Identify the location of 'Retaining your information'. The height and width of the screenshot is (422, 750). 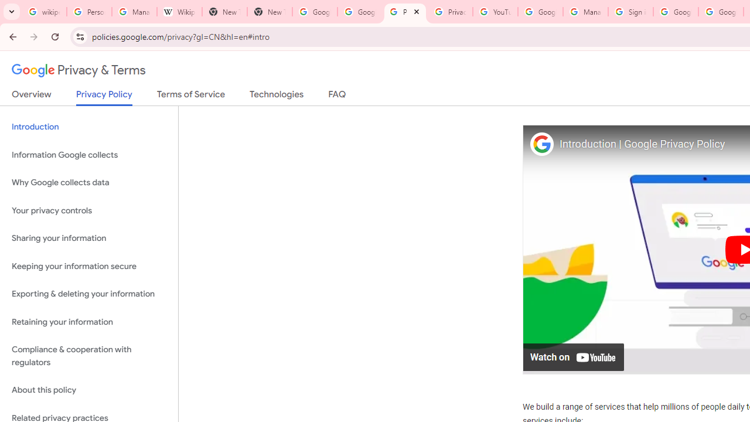
(88, 322).